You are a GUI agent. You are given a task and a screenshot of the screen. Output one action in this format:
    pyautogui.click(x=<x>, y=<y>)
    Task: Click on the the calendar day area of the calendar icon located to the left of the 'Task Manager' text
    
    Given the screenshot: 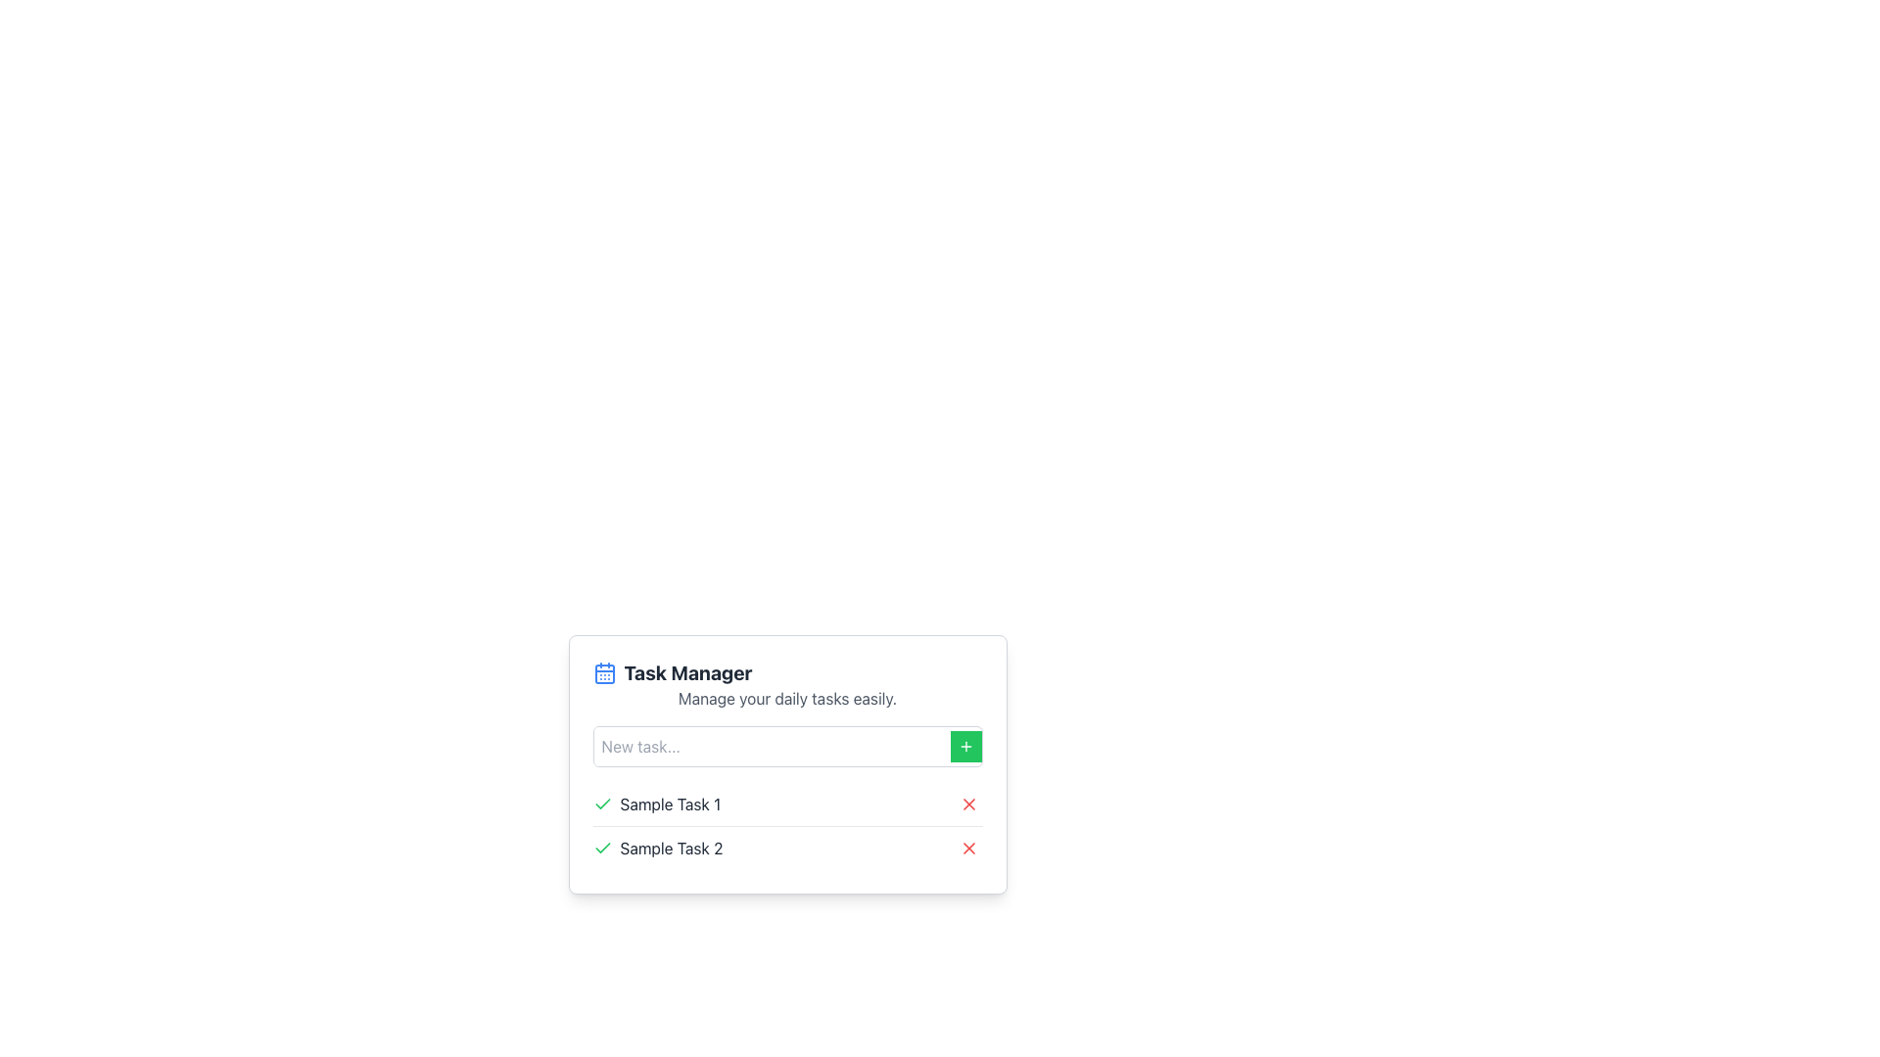 What is the action you would take?
    pyautogui.click(x=603, y=673)
    